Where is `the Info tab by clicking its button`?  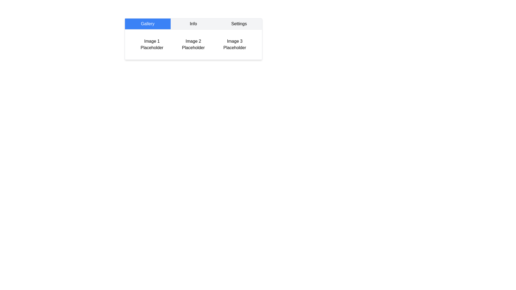
the Info tab by clicking its button is located at coordinates (193, 23).